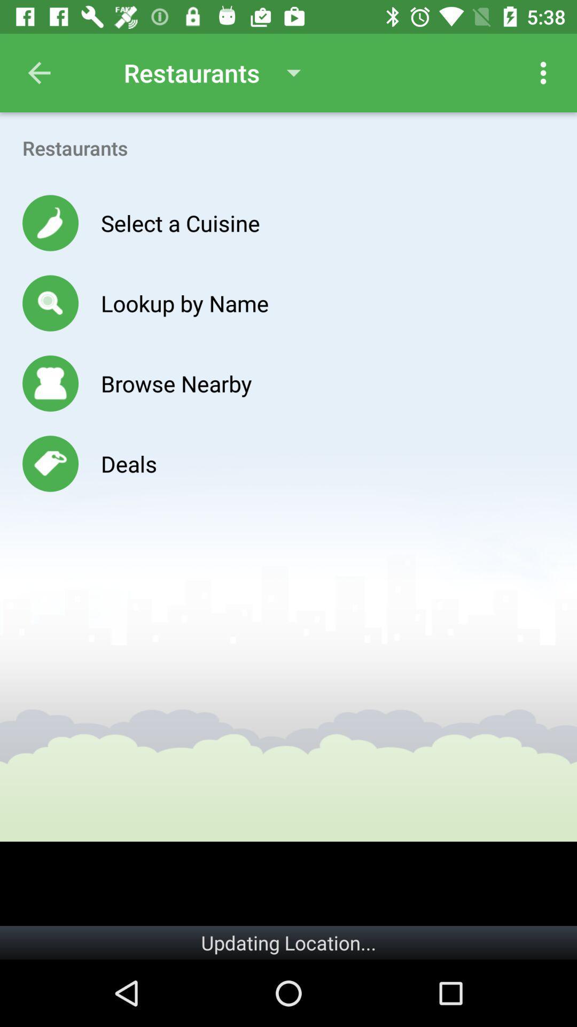 Image resolution: width=577 pixels, height=1027 pixels. What do you see at coordinates (50, 384) in the screenshot?
I see `the symbol which is to the immediate left of browse nearby` at bounding box center [50, 384].